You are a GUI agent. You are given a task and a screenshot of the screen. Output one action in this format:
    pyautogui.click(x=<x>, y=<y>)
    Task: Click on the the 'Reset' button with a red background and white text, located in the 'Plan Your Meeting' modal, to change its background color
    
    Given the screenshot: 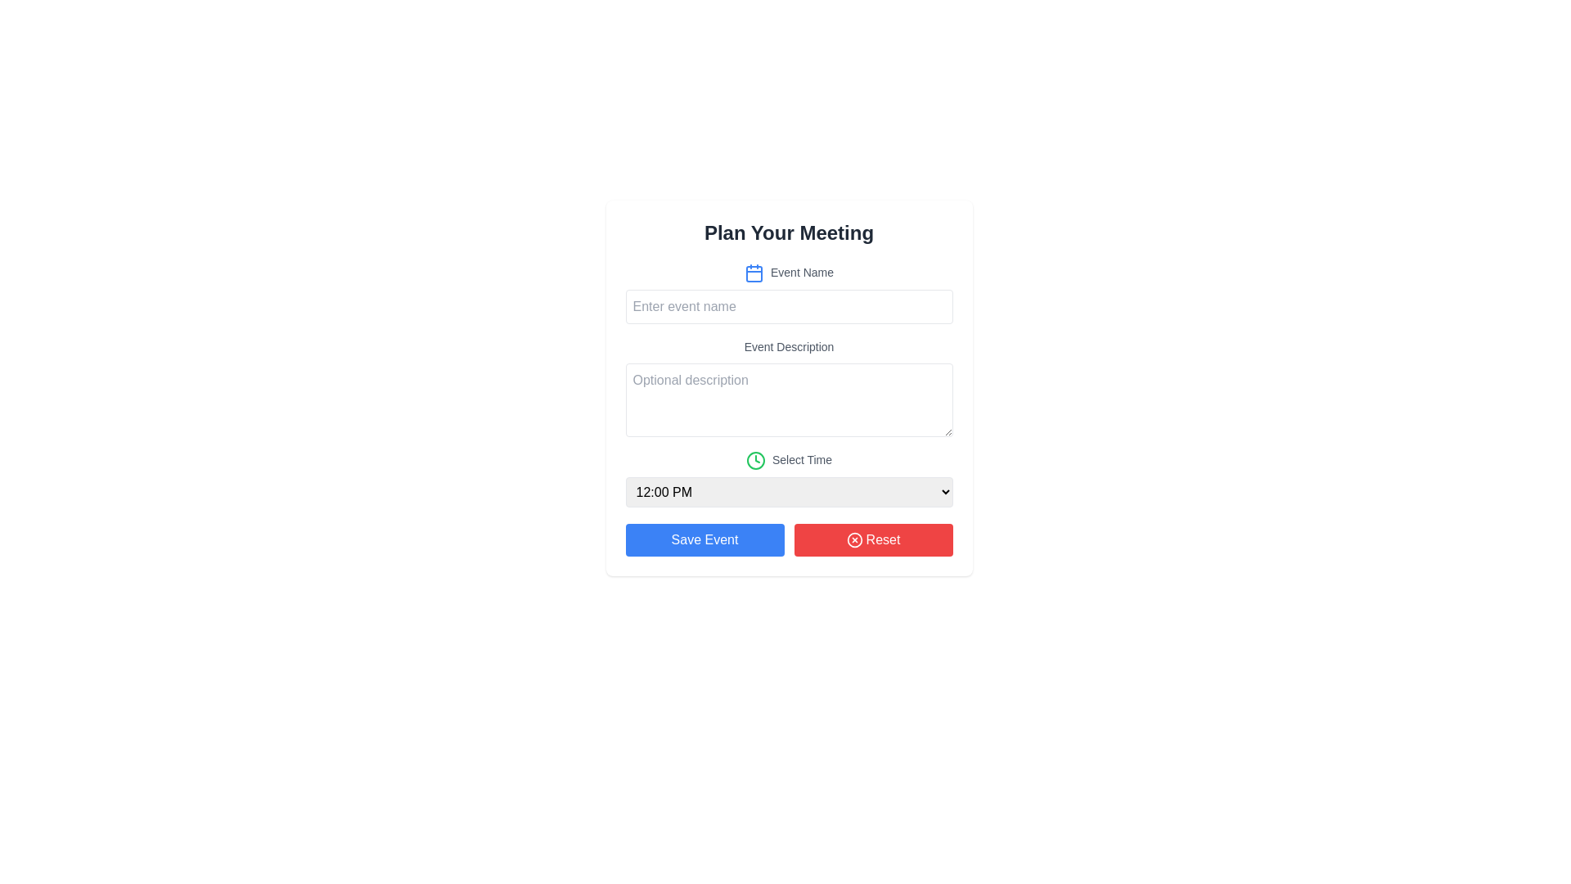 What is the action you would take?
    pyautogui.click(x=872, y=539)
    